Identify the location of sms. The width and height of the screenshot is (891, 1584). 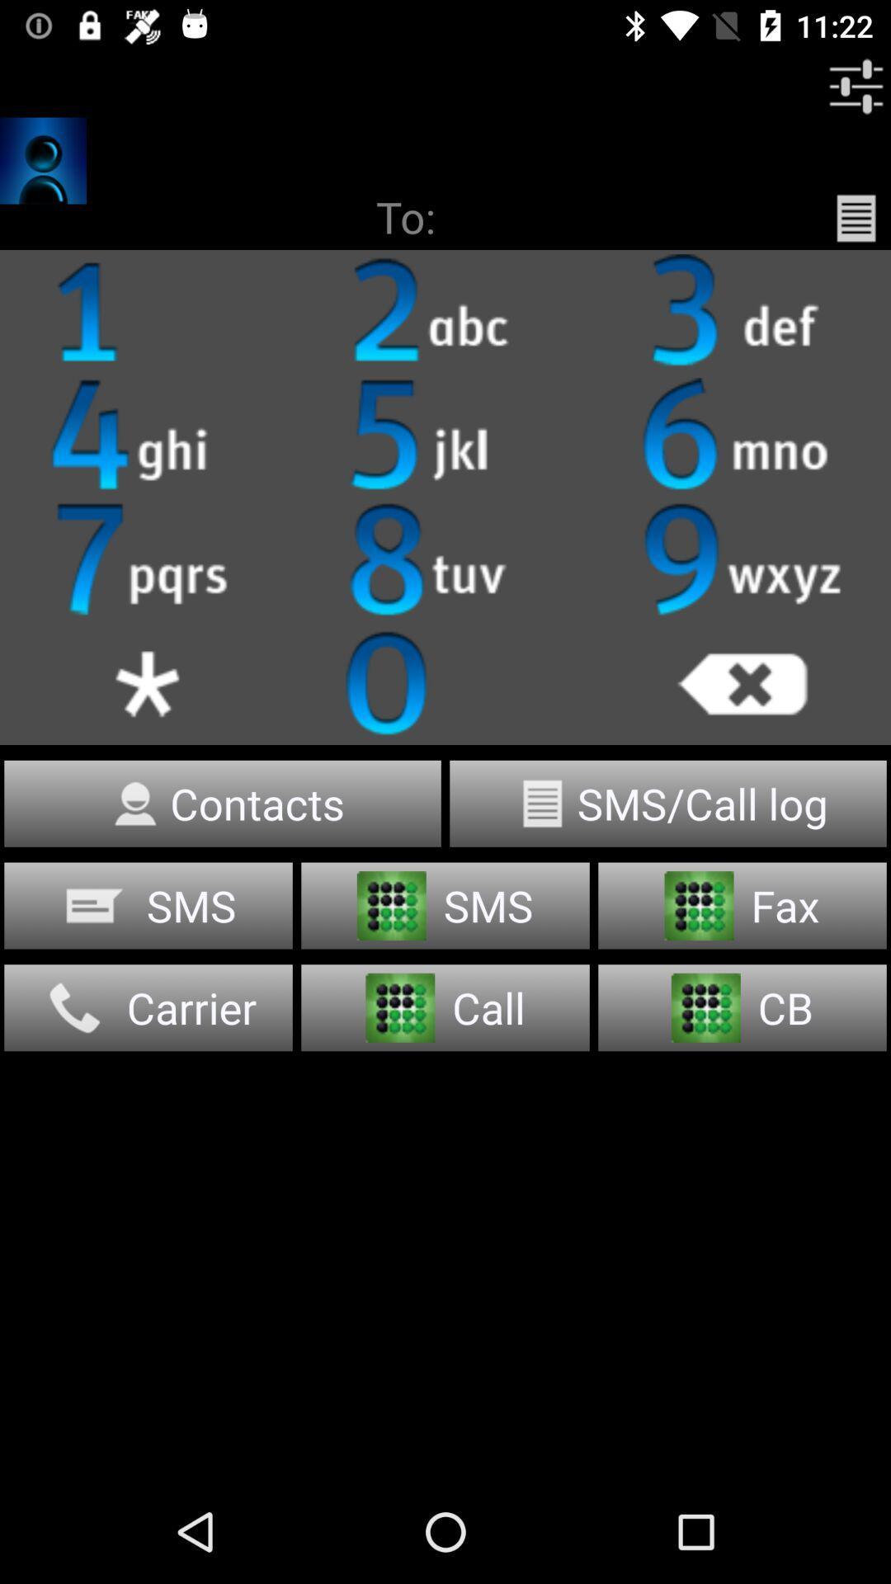
(148, 905).